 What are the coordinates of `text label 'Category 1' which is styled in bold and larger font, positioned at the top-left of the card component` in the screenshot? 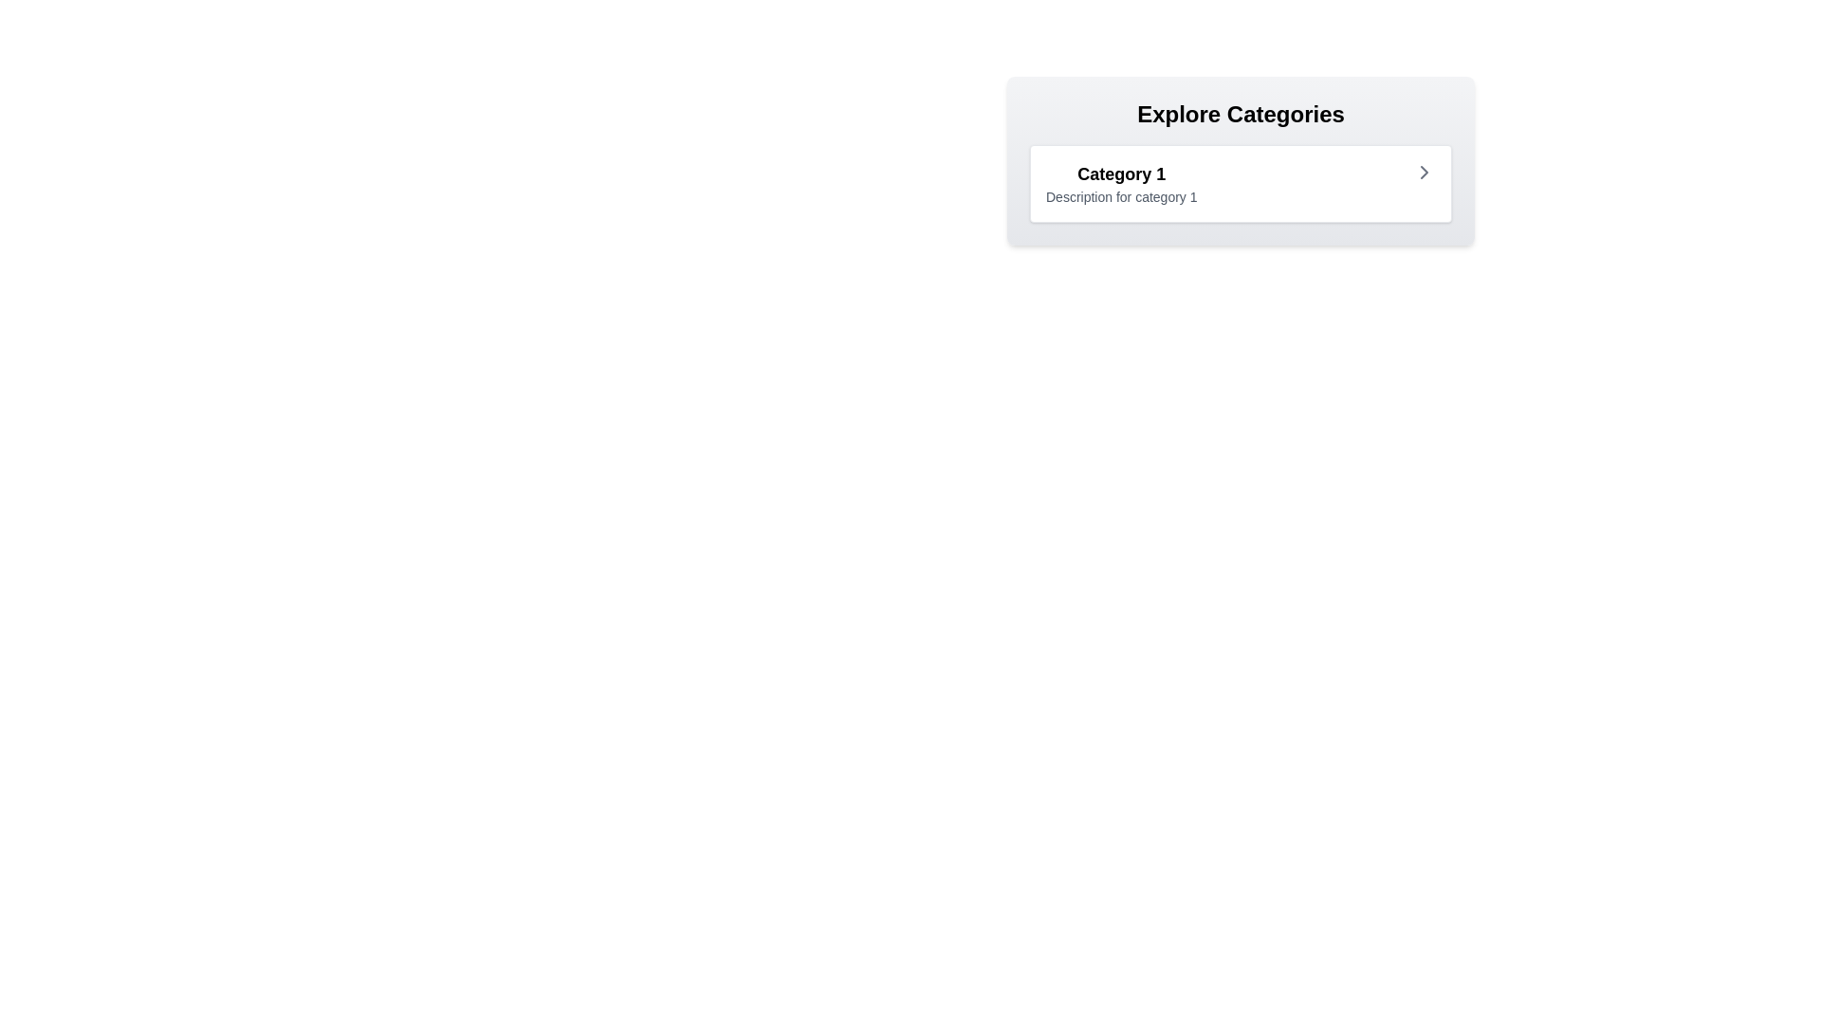 It's located at (1121, 174).